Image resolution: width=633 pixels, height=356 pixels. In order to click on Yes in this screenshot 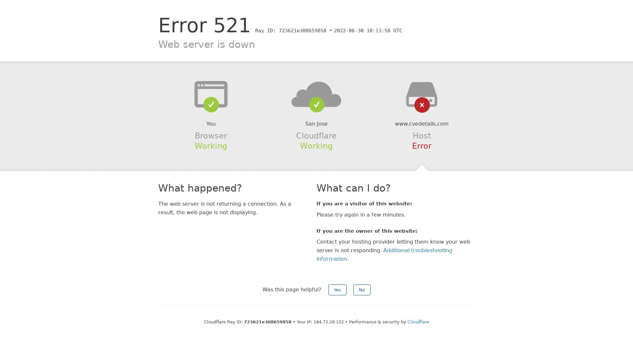, I will do `click(337, 289)`.